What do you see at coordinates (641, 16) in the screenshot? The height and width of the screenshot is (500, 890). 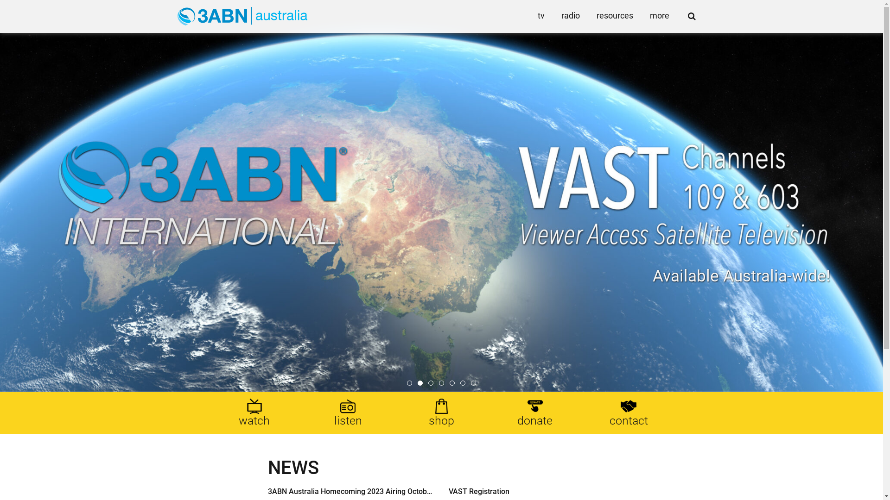 I see `'more'` at bounding box center [641, 16].